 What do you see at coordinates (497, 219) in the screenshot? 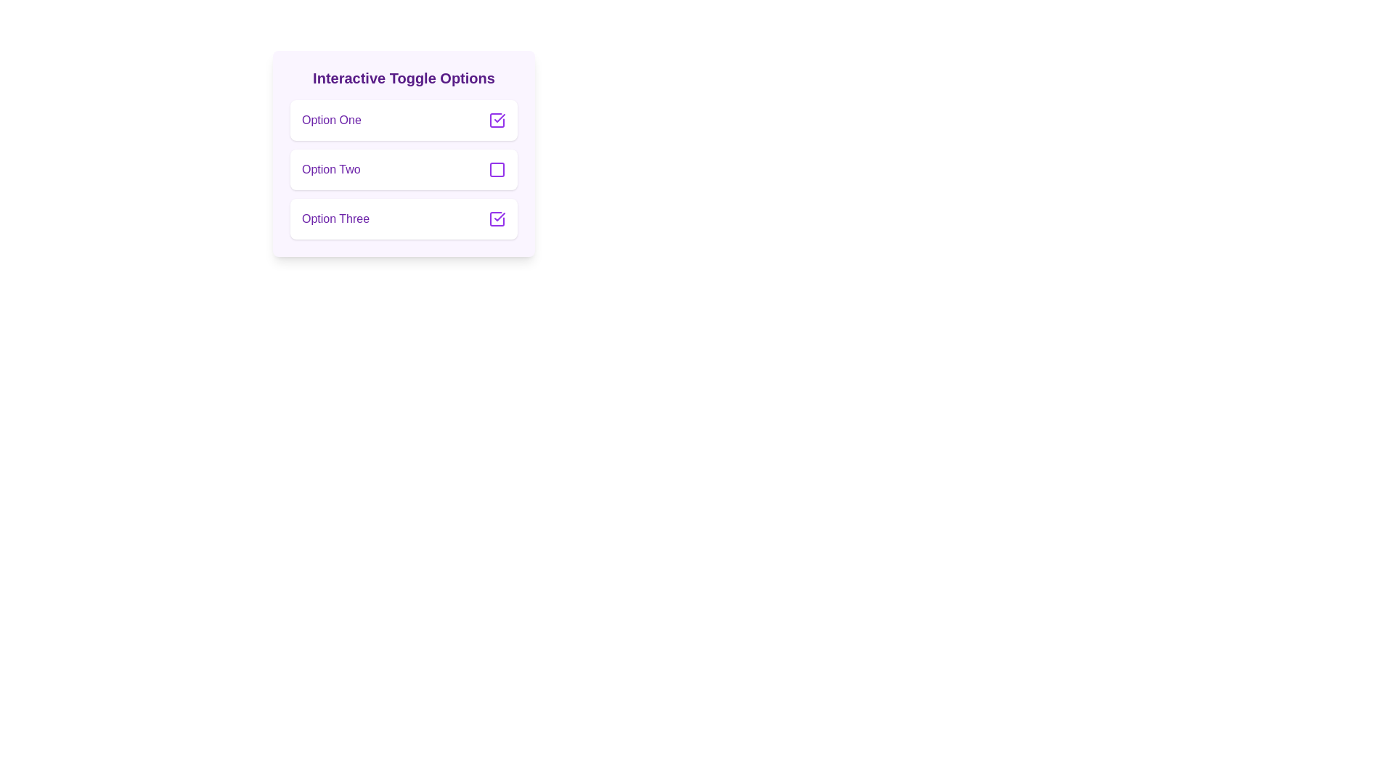
I see `the Checkbox associated with 'Option Three'` at bounding box center [497, 219].